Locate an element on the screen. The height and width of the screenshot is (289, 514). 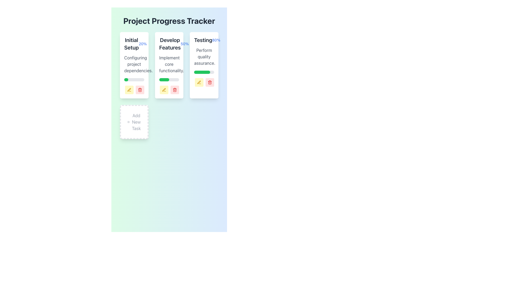
the 'Edit' button located in the bottom-right corner of the 'Initial Setup' card to initiate editing is located at coordinates (129, 89).